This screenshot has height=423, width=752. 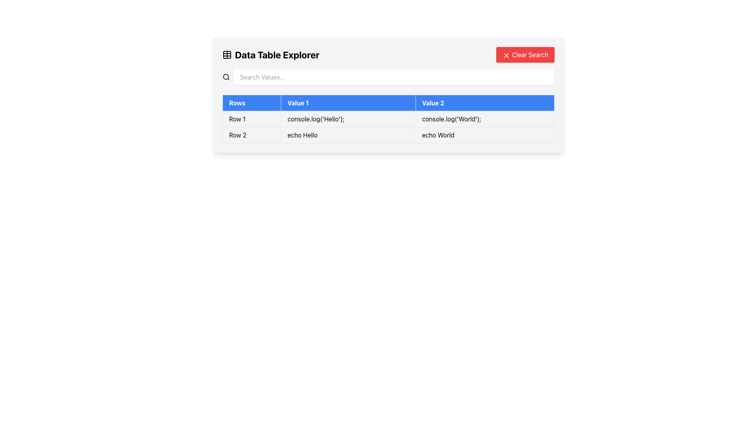 I want to click on the bold text label 'Data Table Explorer' with a table icon to its left, located at the top left of the interface, so click(x=271, y=54).